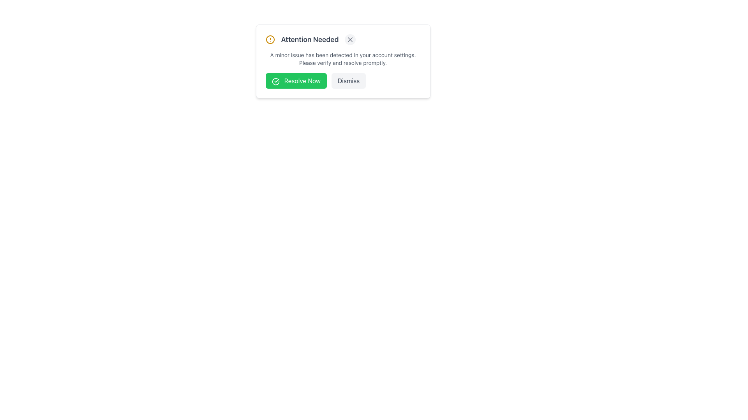  Describe the element at coordinates (348, 81) in the screenshot. I see `the dismiss button located in the bottom-right section of the notification card, next to the 'Resolve Now' button` at that location.